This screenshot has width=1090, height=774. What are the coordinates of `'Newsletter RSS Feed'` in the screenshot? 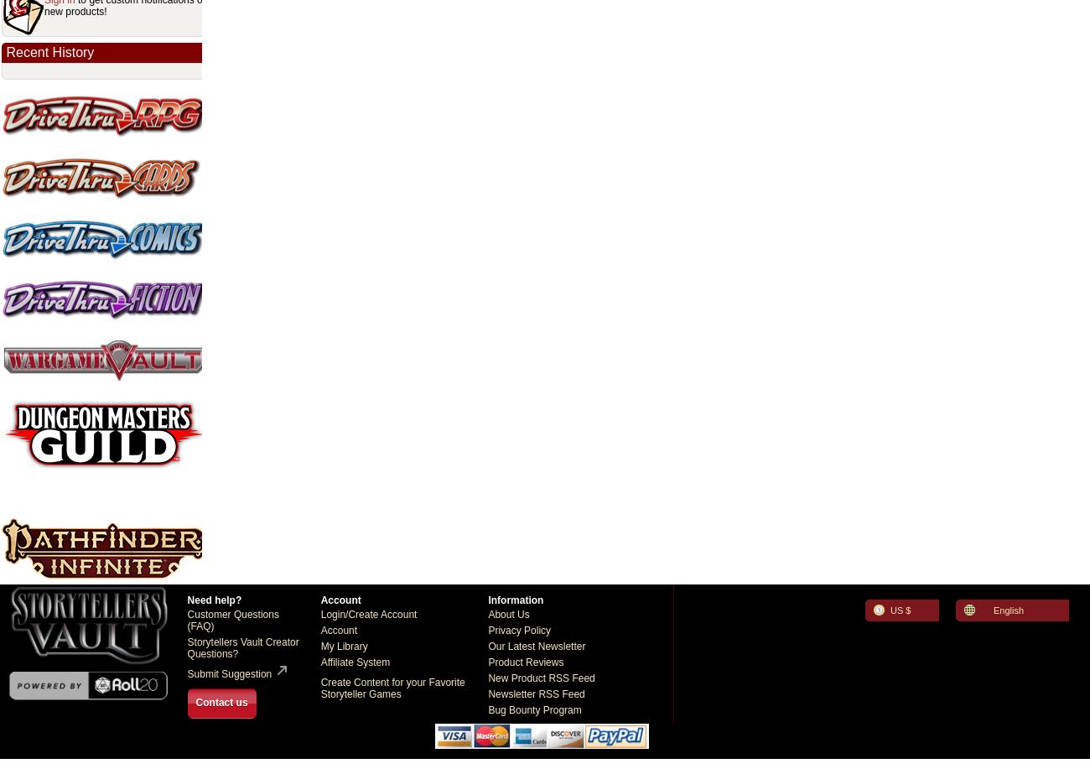 It's located at (536, 693).